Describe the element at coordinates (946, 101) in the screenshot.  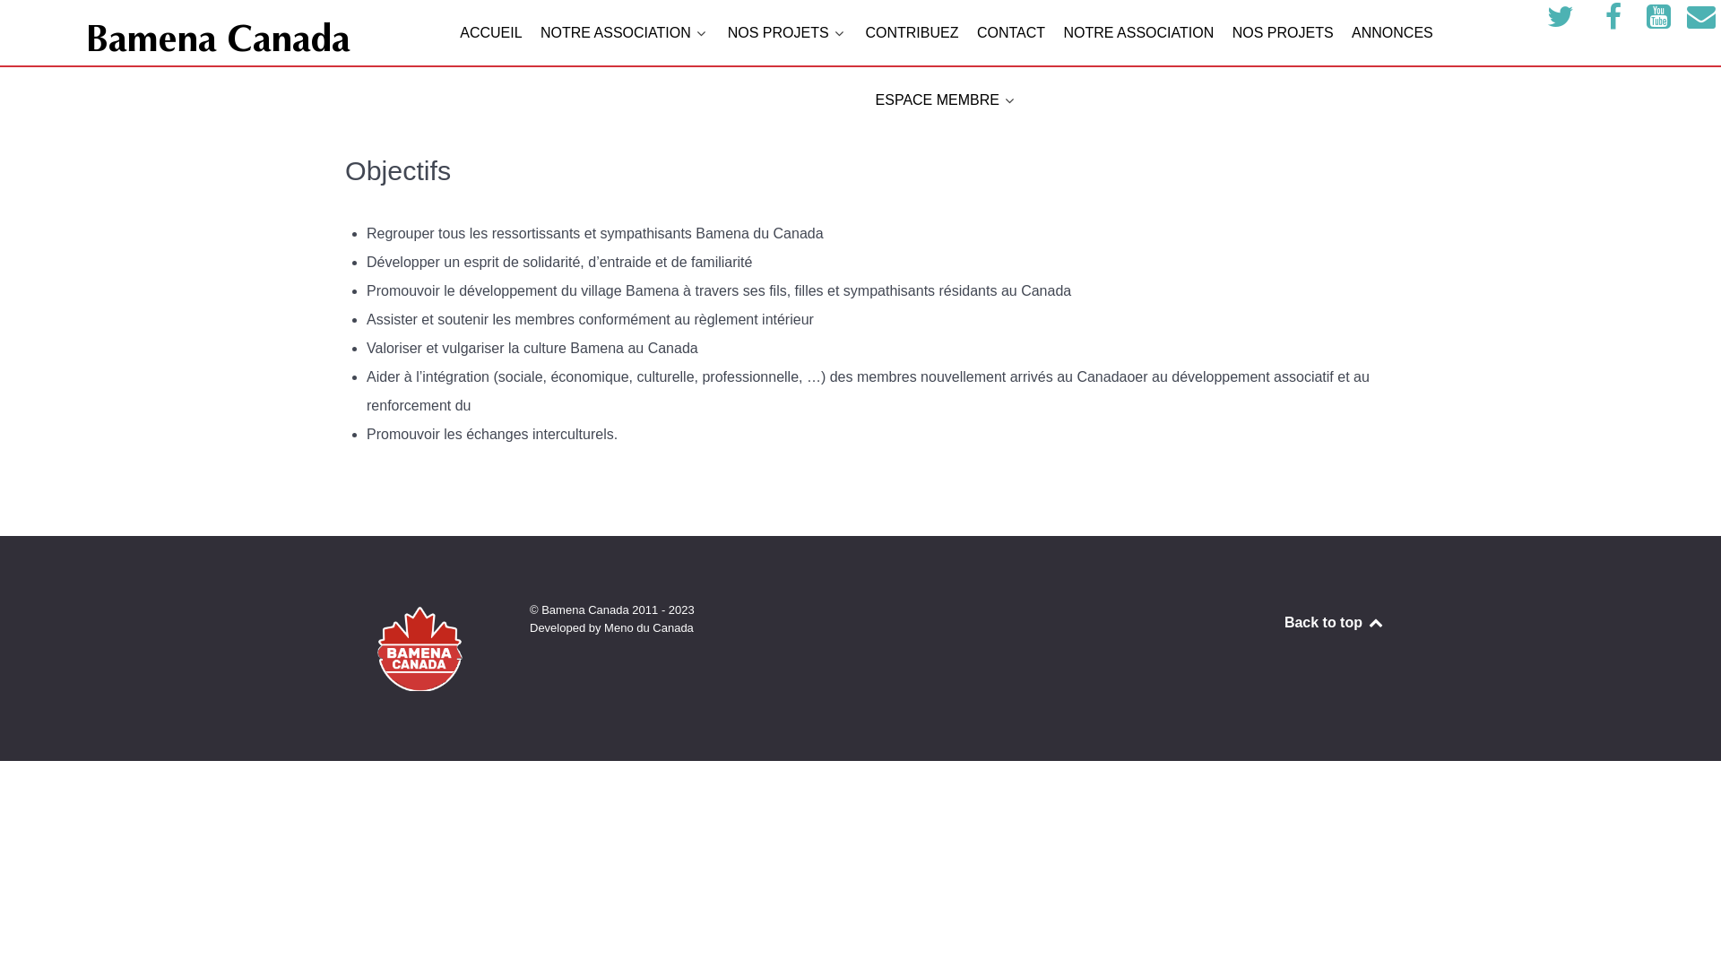
I see `'ESPACE MEMBRE'` at that location.